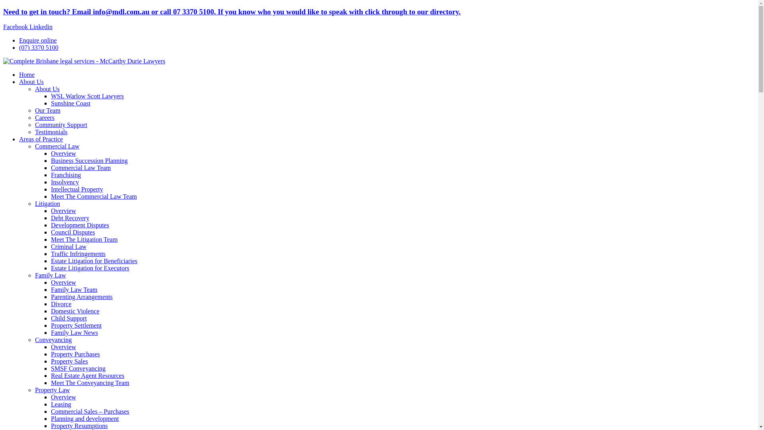 Image resolution: width=764 pixels, height=430 pixels. I want to click on 'Real Estate Agent Resources', so click(88, 375).